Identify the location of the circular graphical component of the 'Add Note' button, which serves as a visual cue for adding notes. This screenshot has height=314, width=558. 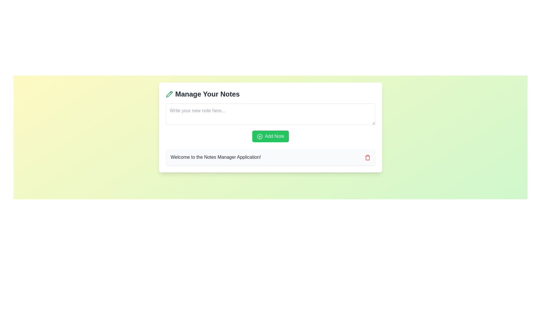
(259, 136).